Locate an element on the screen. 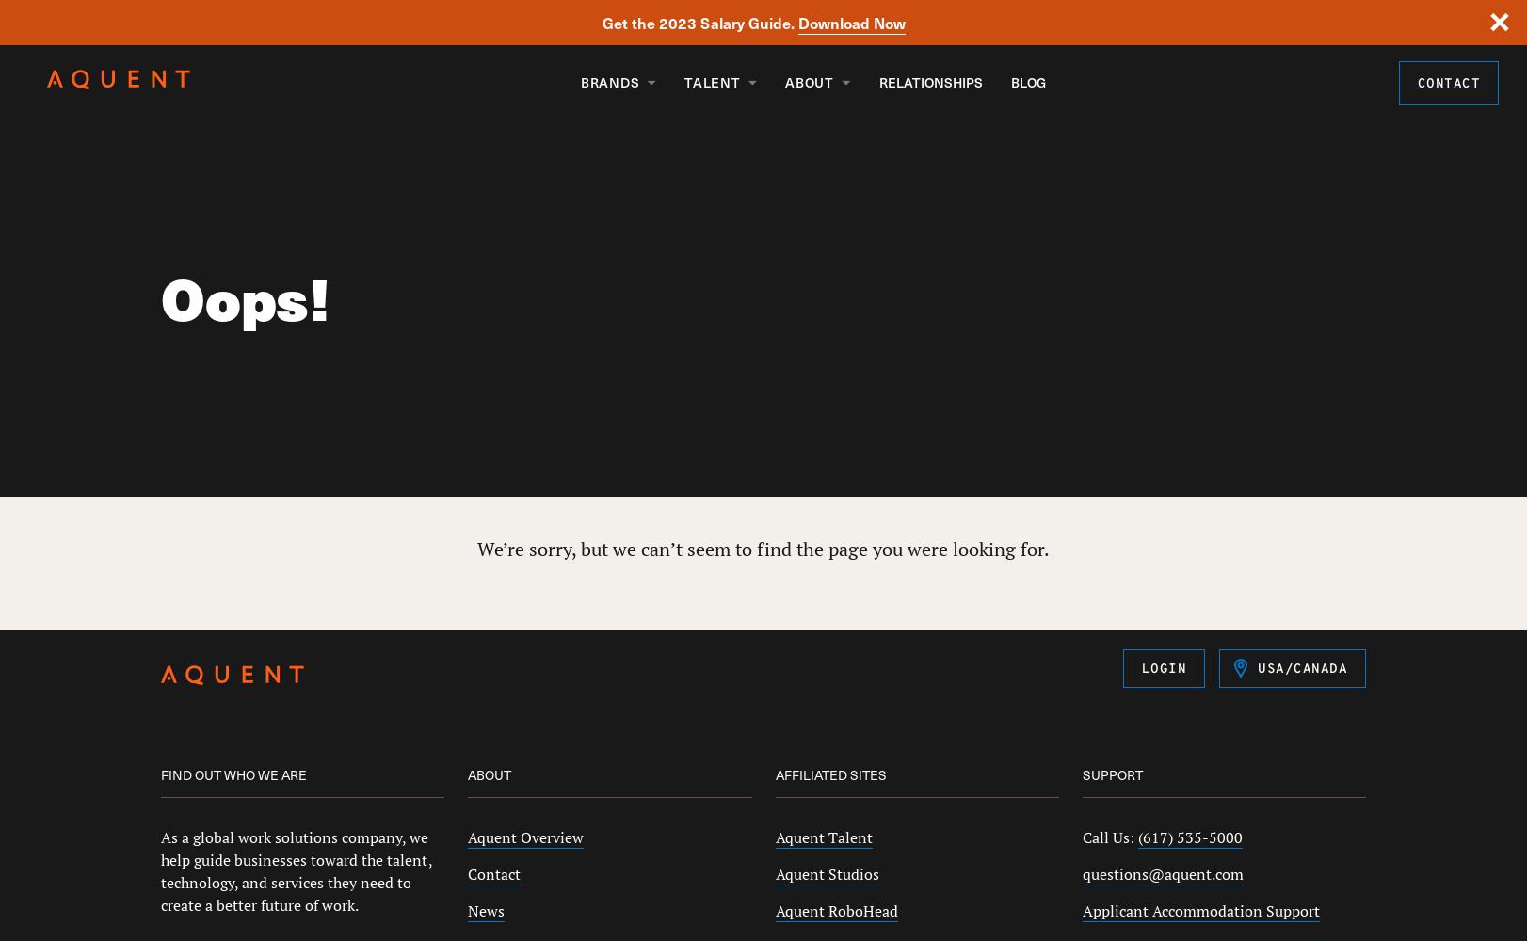 The image size is (1527, 941). '(617) 535-5000' is located at coordinates (1137, 837).